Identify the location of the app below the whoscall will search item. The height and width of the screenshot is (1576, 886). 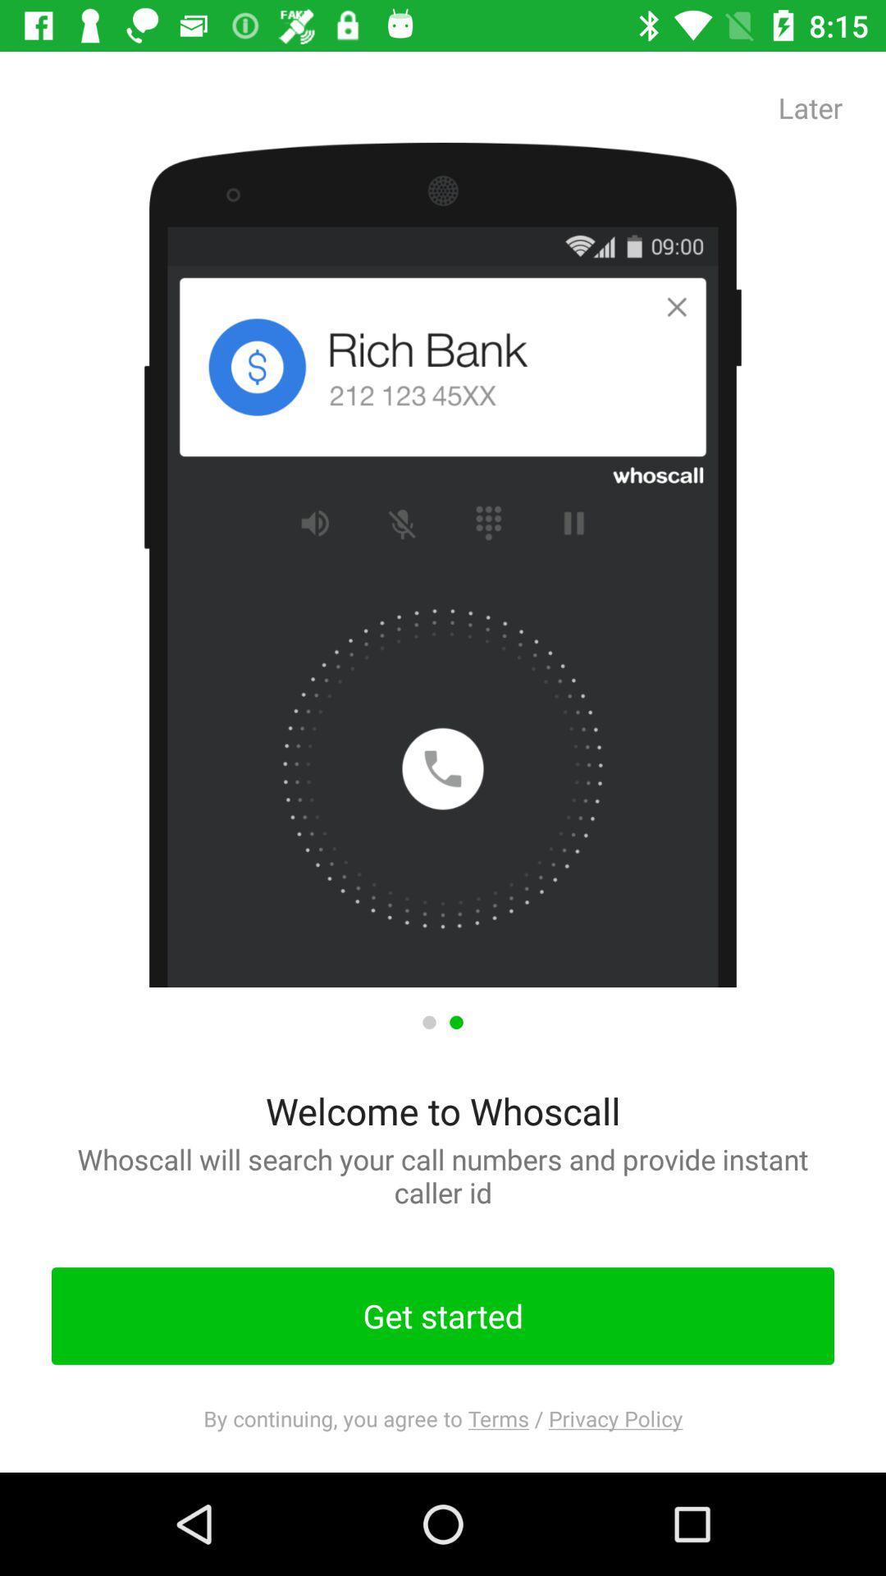
(443, 1316).